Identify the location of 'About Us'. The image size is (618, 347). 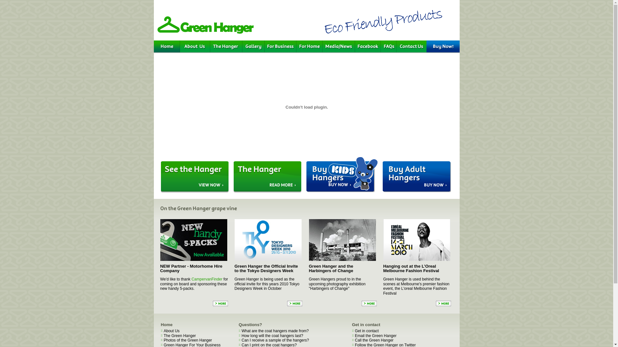
(171, 331).